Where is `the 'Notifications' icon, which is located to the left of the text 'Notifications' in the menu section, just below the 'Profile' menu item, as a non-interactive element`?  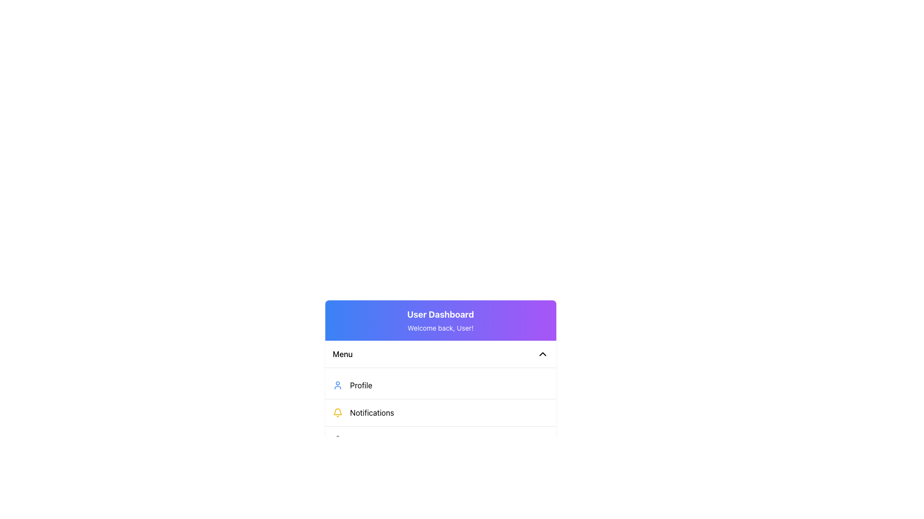
the 'Notifications' icon, which is located to the left of the text 'Notifications' in the menu section, just below the 'Profile' menu item, as a non-interactive element is located at coordinates (337, 412).